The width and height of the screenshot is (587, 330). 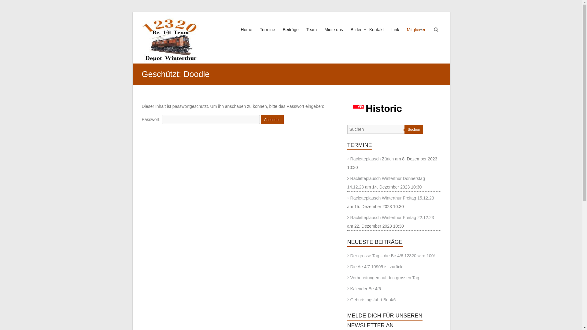 What do you see at coordinates (306, 35) in the screenshot?
I see `'Team'` at bounding box center [306, 35].